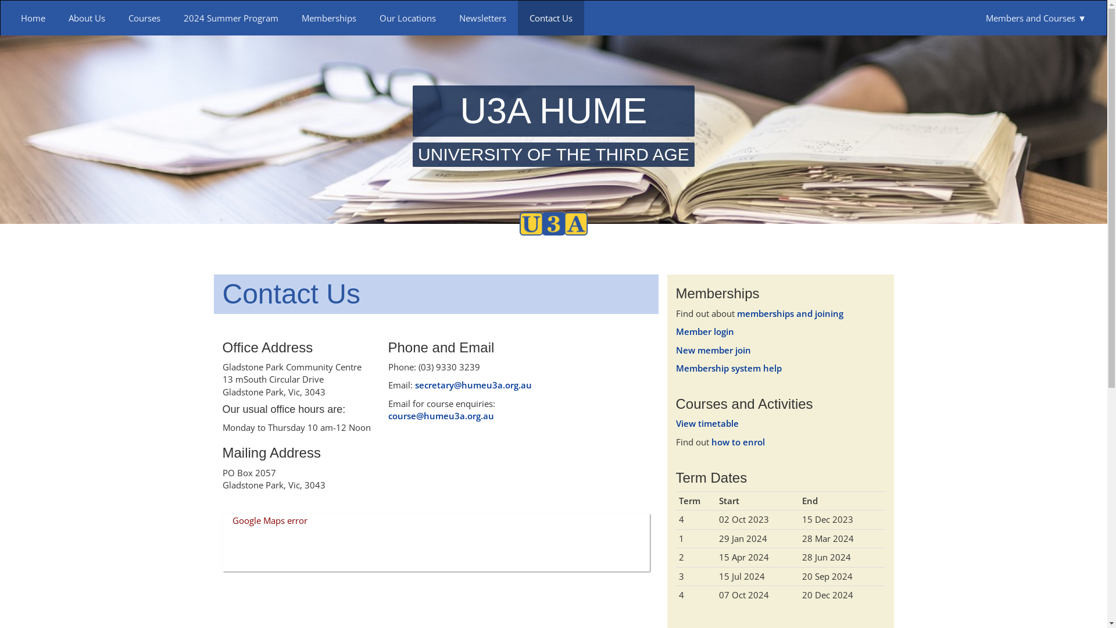 The width and height of the screenshot is (1116, 628). I want to click on 'Membership system help', so click(727, 367).